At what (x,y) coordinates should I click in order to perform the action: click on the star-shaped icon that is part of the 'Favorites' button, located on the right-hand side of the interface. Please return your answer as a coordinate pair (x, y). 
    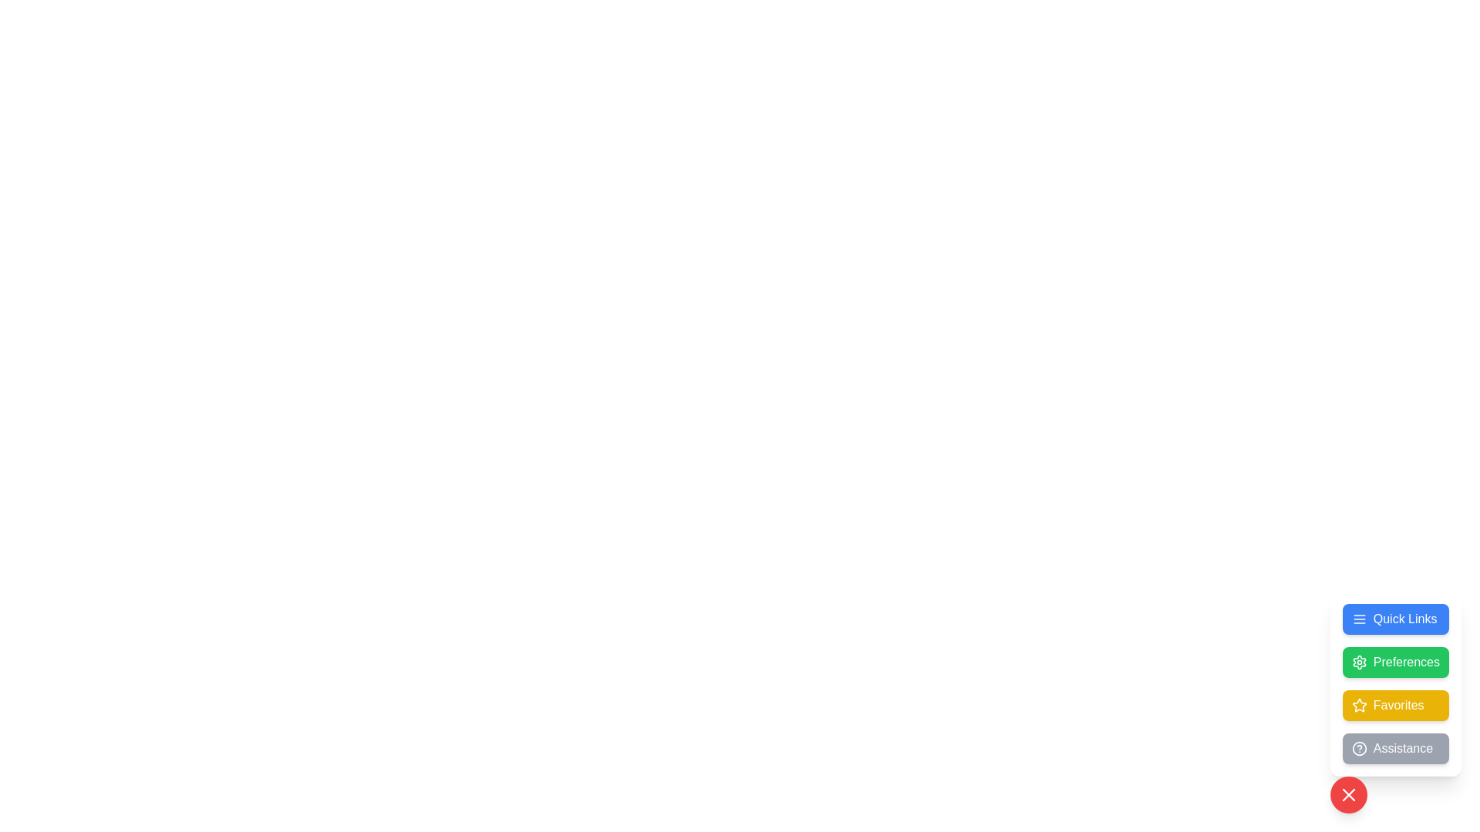
    Looking at the image, I should click on (1359, 705).